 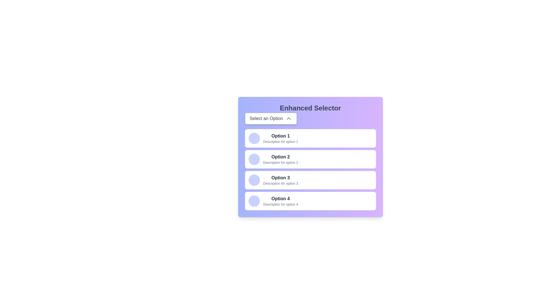 What do you see at coordinates (270, 118) in the screenshot?
I see `the dropdown menu toggle button located below the heading 'Enhanced Selector'` at bounding box center [270, 118].